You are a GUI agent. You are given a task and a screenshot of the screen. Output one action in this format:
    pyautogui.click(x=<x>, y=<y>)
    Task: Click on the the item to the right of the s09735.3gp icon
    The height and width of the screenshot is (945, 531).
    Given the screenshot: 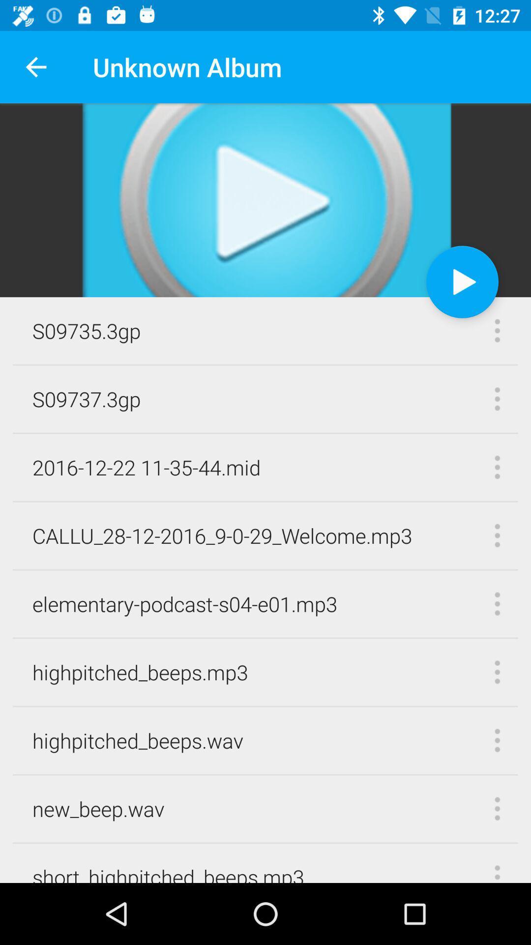 What is the action you would take?
    pyautogui.click(x=462, y=281)
    